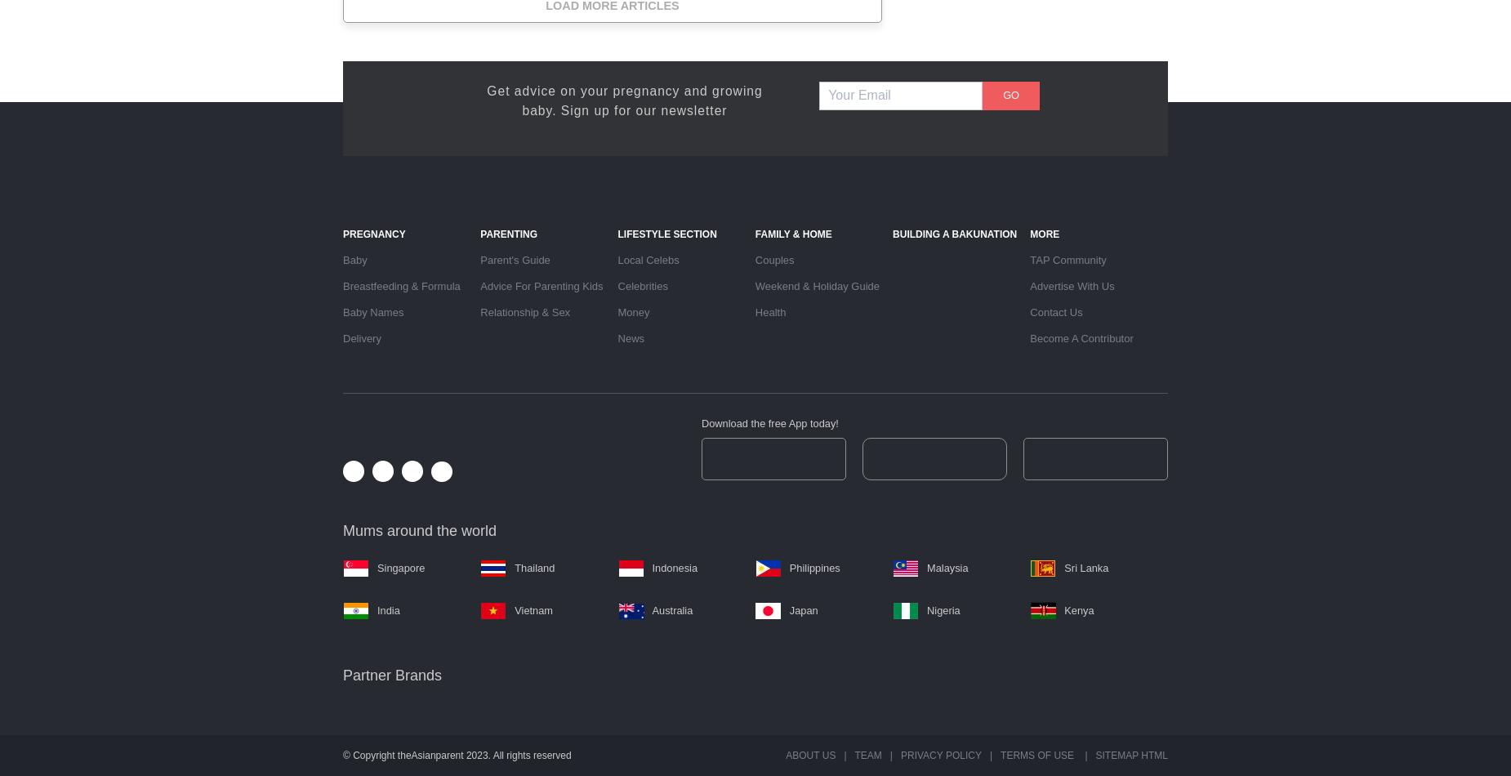 This screenshot has width=1511, height=776. Describe the element at coordinates (361, 337) in the screenshot. I see `'Delivery'` at that location.